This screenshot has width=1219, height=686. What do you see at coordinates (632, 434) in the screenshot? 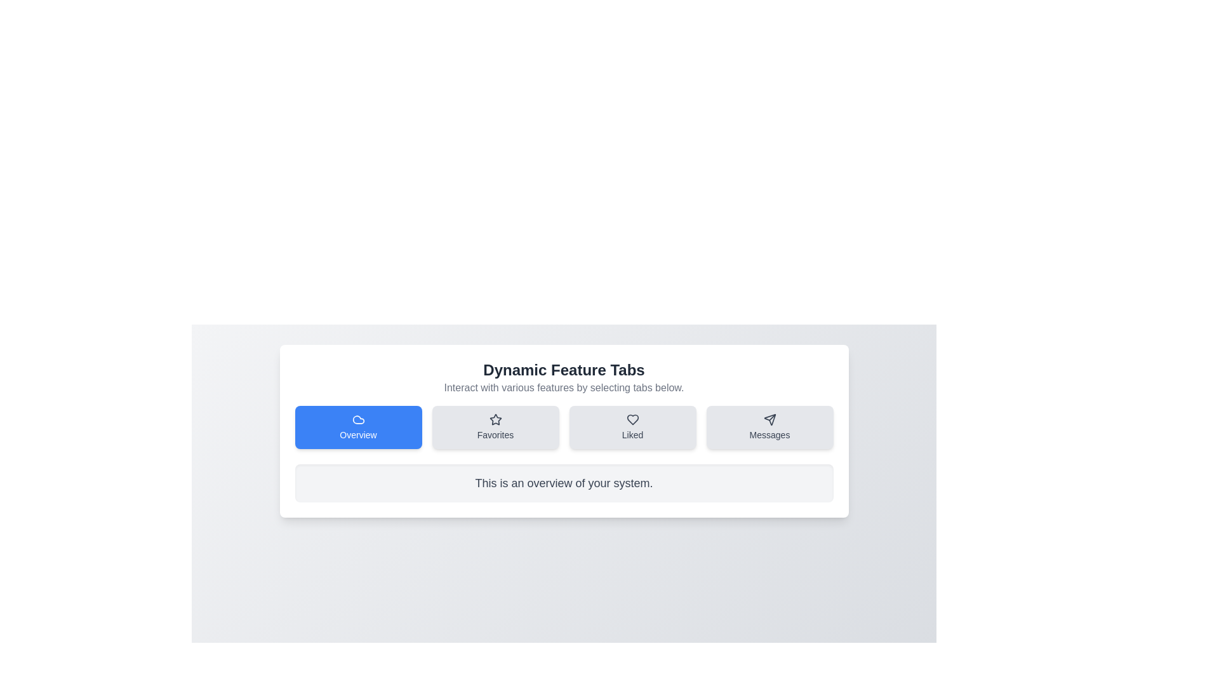
I see `the 'Liked' text label, which is displayed in a medium-sized sans-serif font below a heart icon and is part of the interactive options under 'Dynamic Feature Tabs'` at bounding box center [632, 434].